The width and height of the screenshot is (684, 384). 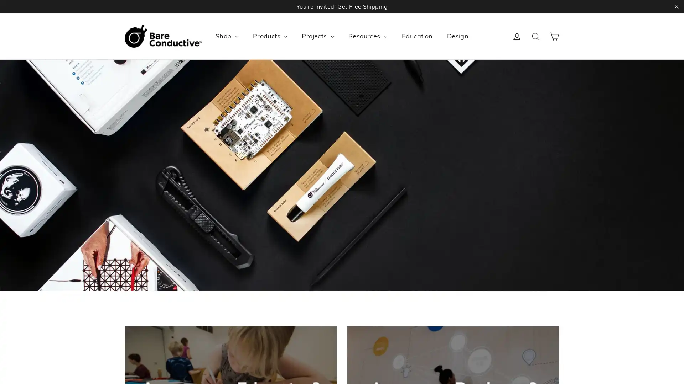 What do you see at coordinates (341, 225) in the screenshot?
I see `No thanks` at bounding box center [341, 225].